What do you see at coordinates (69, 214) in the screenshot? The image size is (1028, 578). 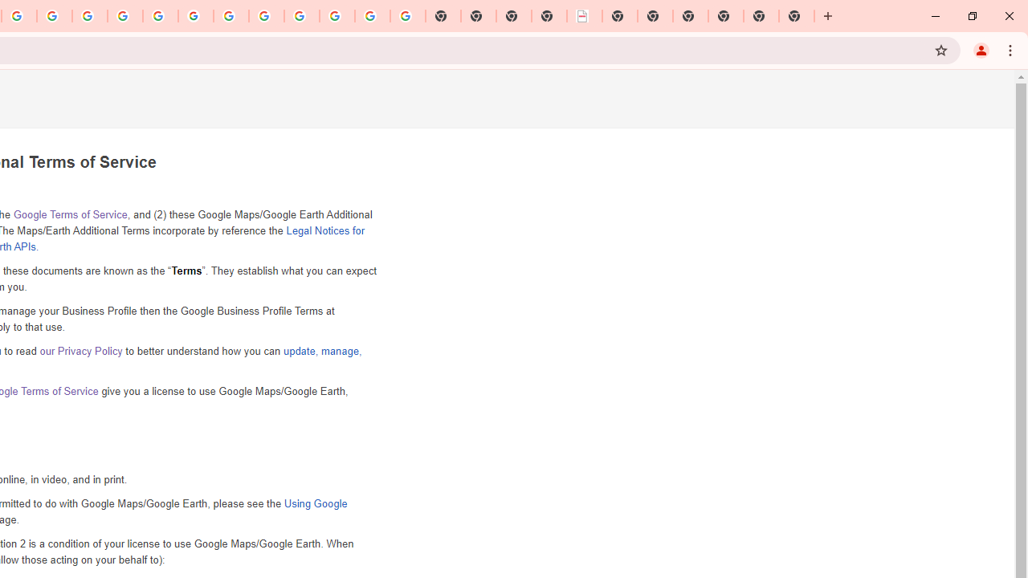 I see `'Google Terms of Service'` at bounding box center [69, 214].